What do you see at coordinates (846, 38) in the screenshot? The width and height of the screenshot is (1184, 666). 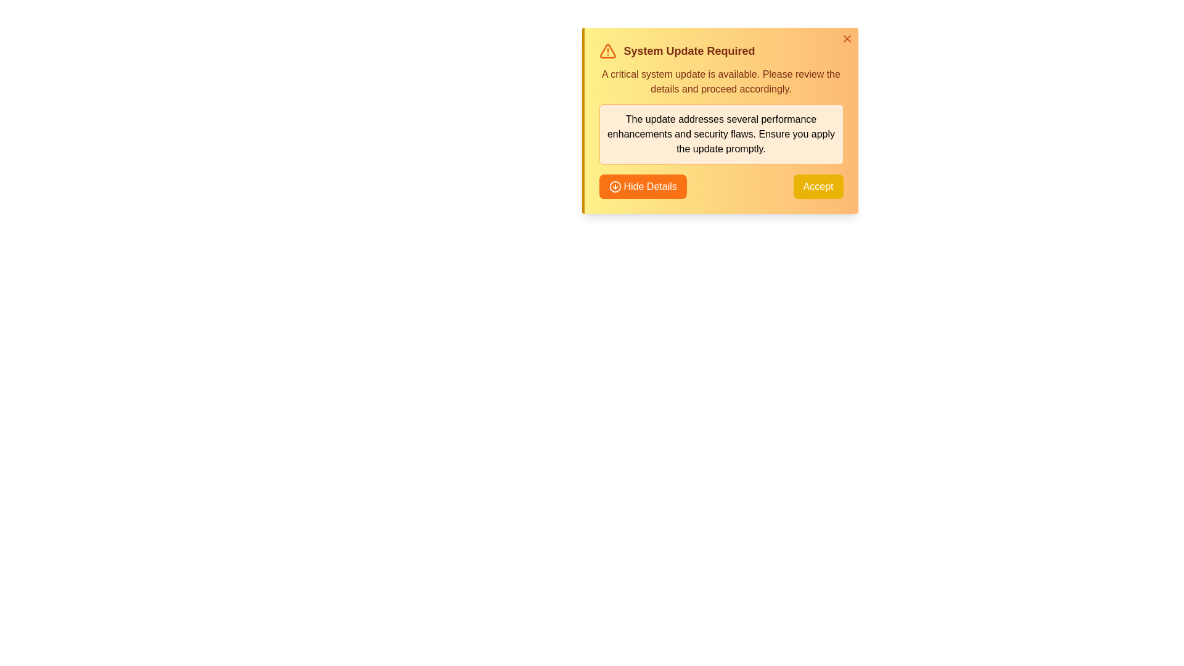 I see `the close button to dismiss the notification` at bounding box center [846, 38].